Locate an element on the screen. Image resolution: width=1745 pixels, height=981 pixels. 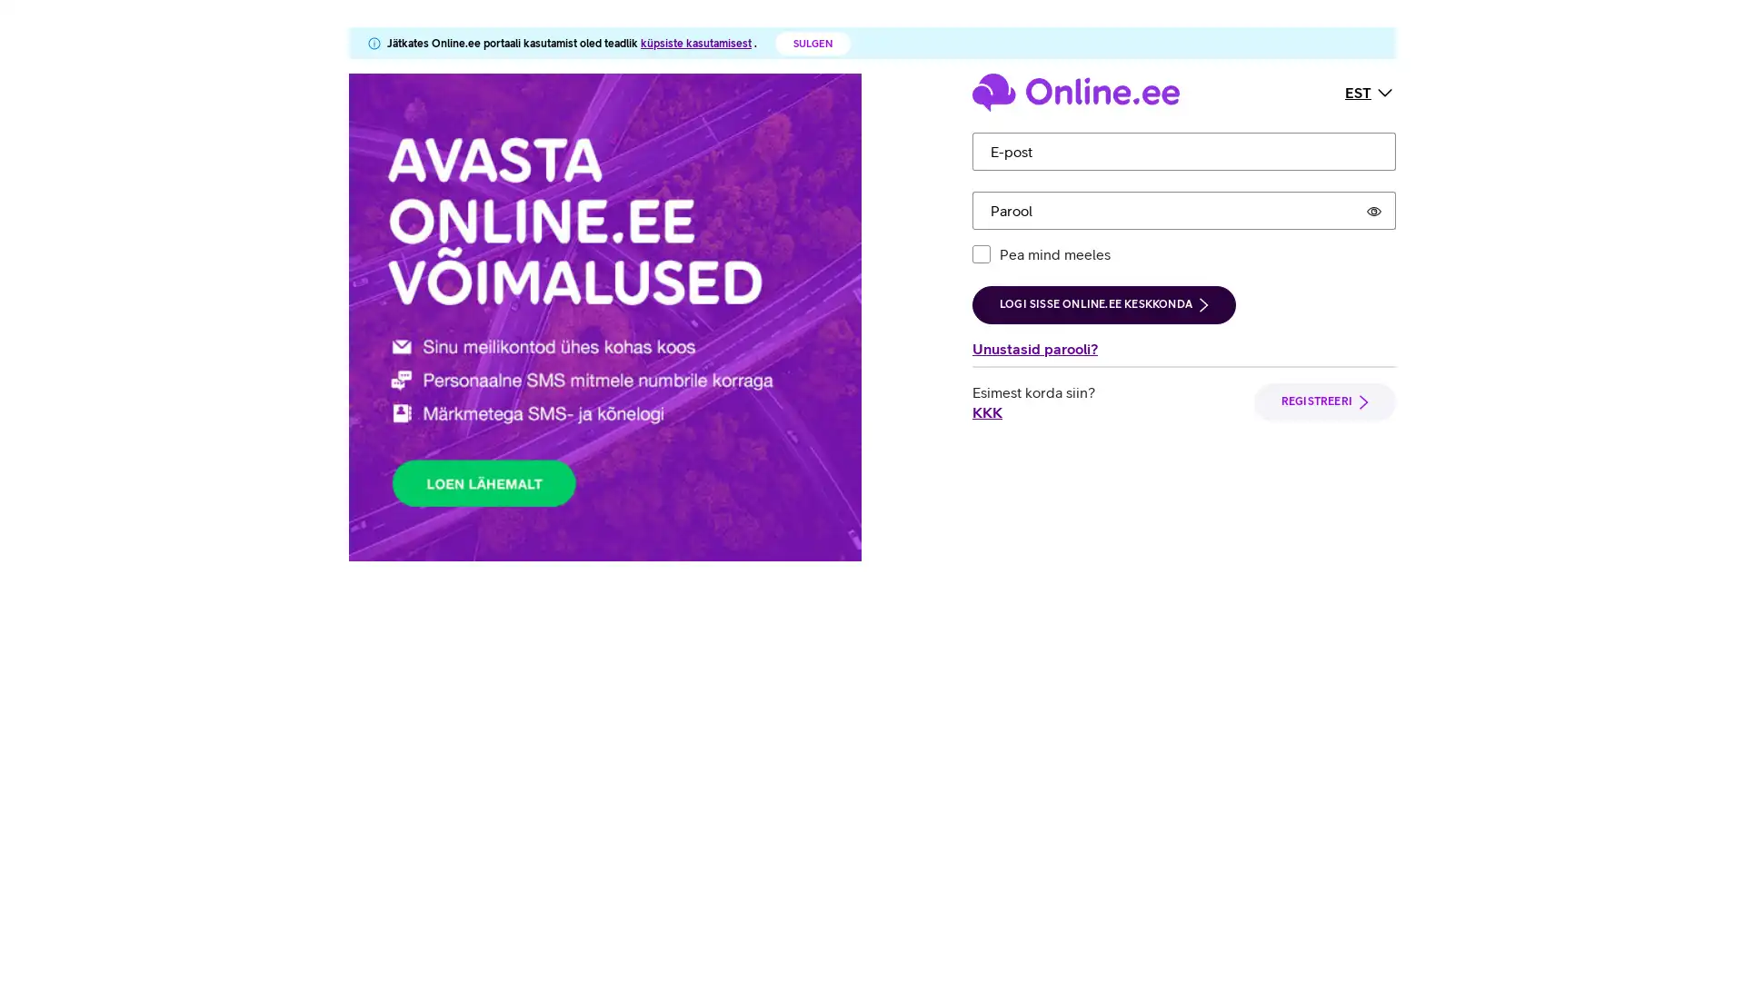
SULGEN is located at coordinates (812, 42).